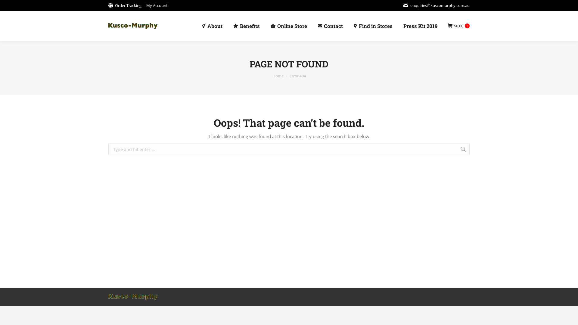 Image resolution: width=578 pixels, height=325 pixels. I want to click on 'Home', so click(277, 75).